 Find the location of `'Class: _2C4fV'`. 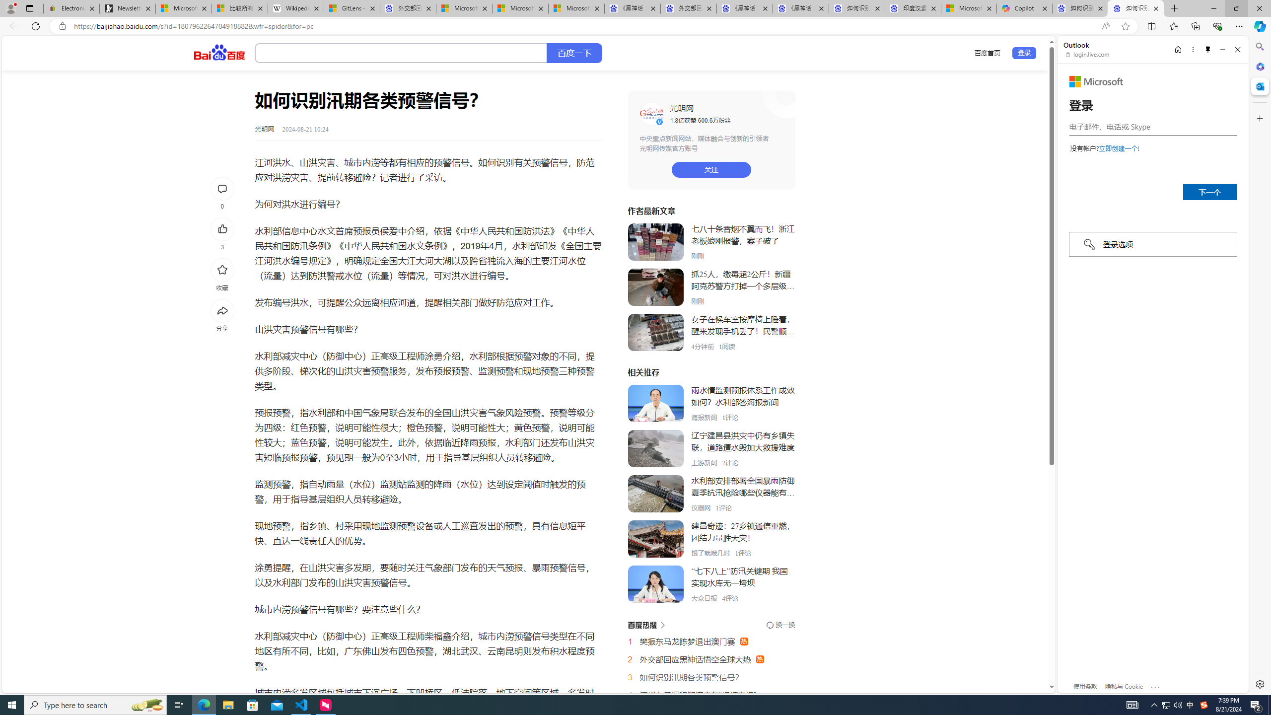

'Class: _2C4fV' is located at coordinates (401, 53).